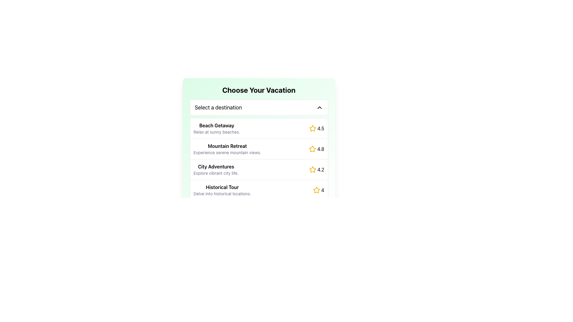 The image size is (573, 322). I want to click on the Text Display element that shows the vacation destination option between 'Mountain Retreat' and 'Historical Tour' in the 'Choose Your Vacation' list to focus, so click(216, 170).